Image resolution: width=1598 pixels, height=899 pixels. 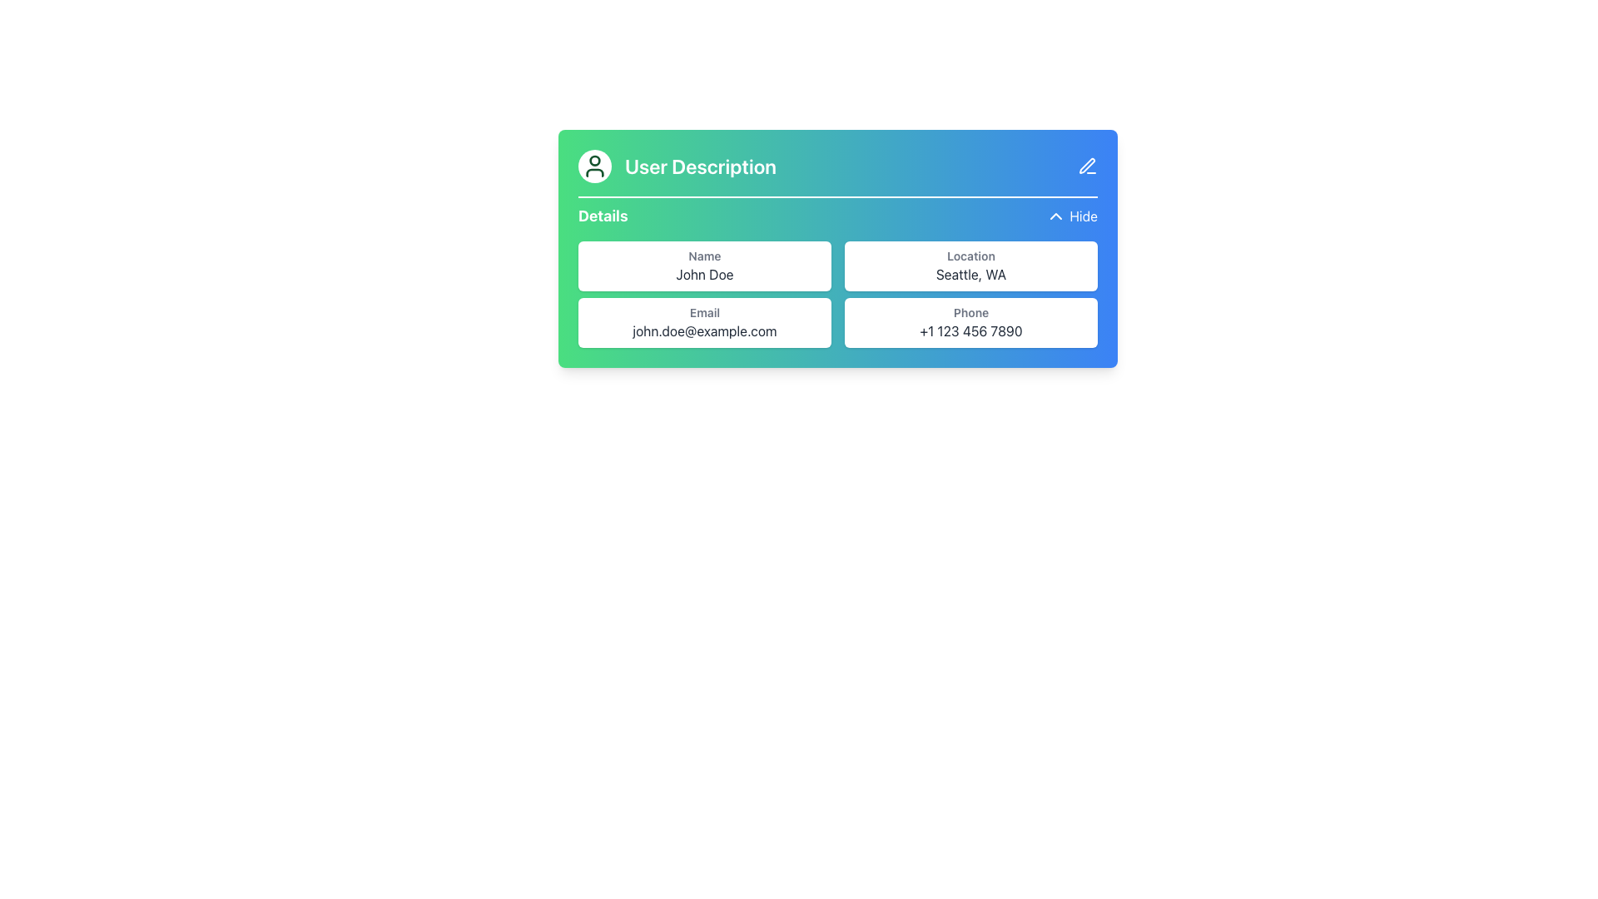 What do you see at coordinates (970, 256) in the screenshot?
I see `the static text label located above the text 'Seattle, WA' in the second column of the user details layout` at bounding box center [970, 256].